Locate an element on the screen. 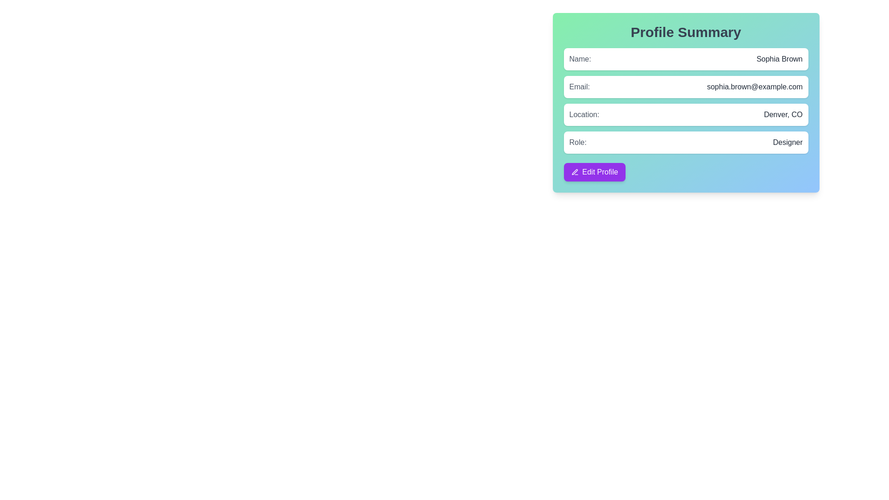  the 'Email:' text label, which is a medium weight gray font label positioned within the Profile Summary card is located at coordinates (579, 87).